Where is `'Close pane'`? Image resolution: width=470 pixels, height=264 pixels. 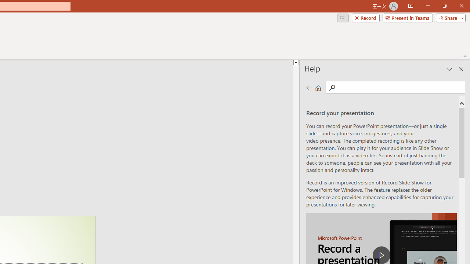 'Close pane' is located at coordinates (461, 69).